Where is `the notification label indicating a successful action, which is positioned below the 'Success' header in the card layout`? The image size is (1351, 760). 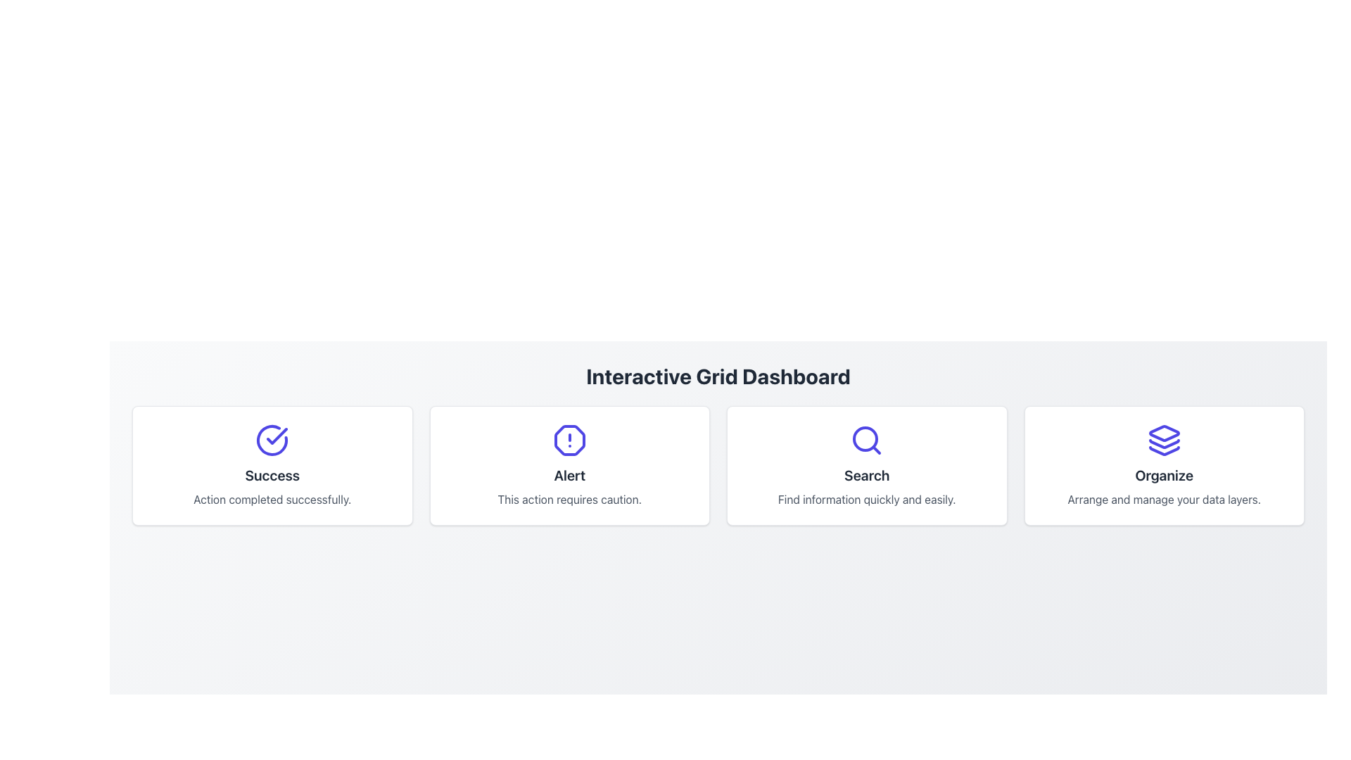
the notification label indicating a successful action, which is positioned below the 'Success' header in the card layout is located at coordinates (272, 498).